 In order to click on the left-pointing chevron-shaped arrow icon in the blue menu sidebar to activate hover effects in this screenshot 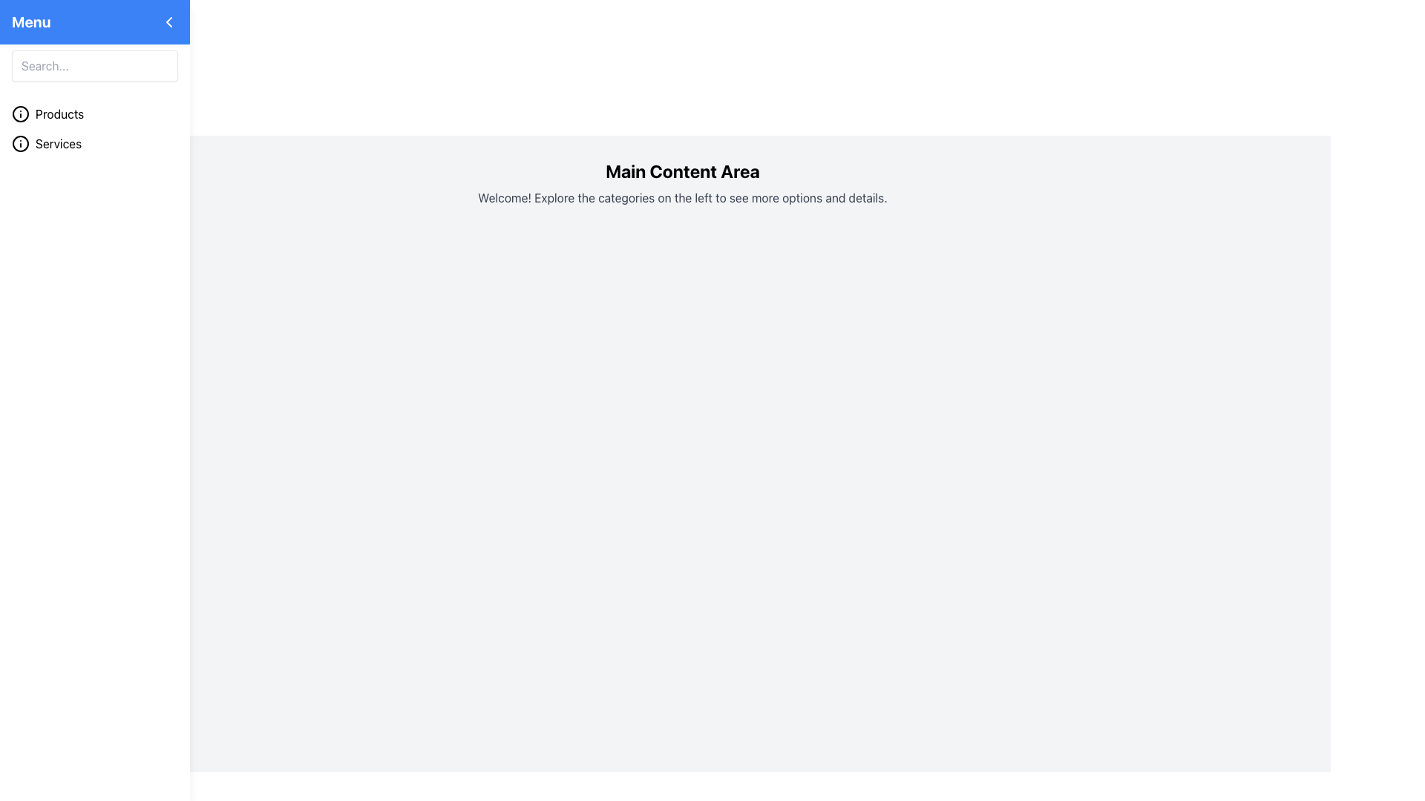, I will do `click(43, 145)`.